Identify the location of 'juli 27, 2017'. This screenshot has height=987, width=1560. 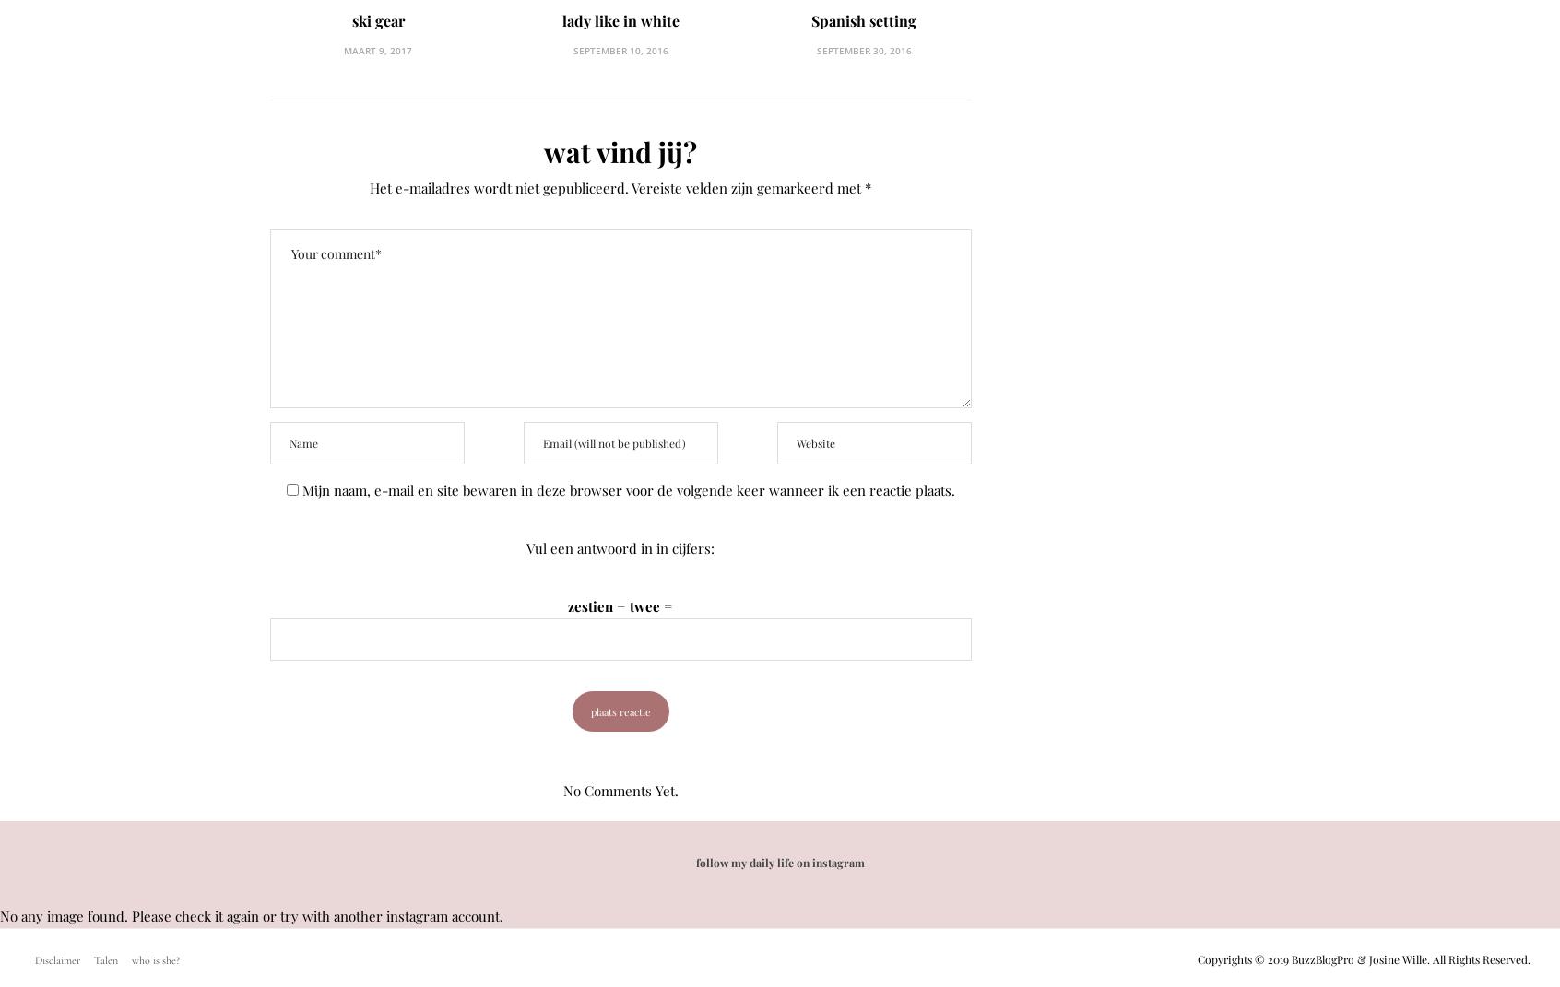
(1081, 50).